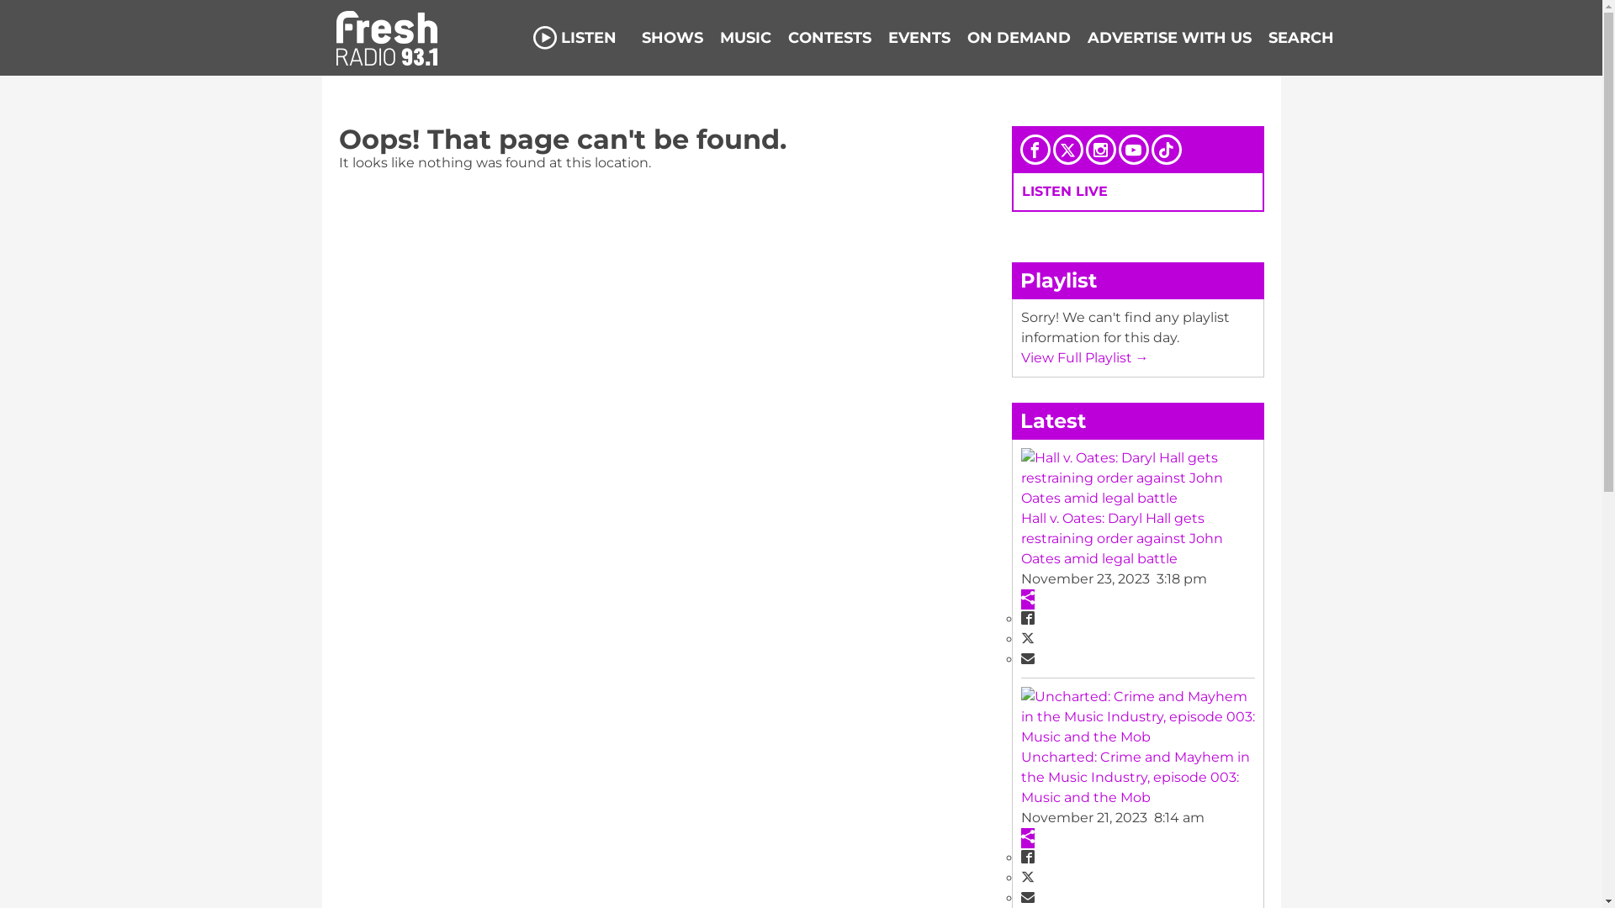  What do you see at coordinates (1168, 38) in the screenshot?
I see `'ADVERTISE WITH US'` at bounding box center [1168, 38].